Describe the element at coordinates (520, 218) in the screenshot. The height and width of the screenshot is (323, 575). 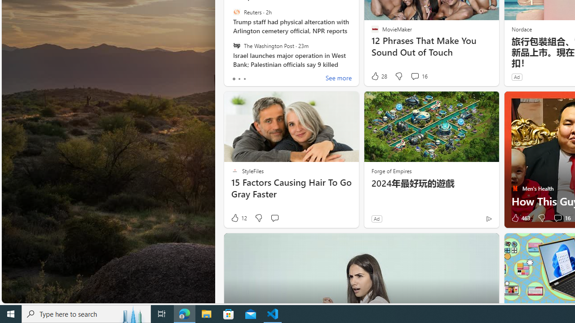
I see `'463 Like'` at that location.